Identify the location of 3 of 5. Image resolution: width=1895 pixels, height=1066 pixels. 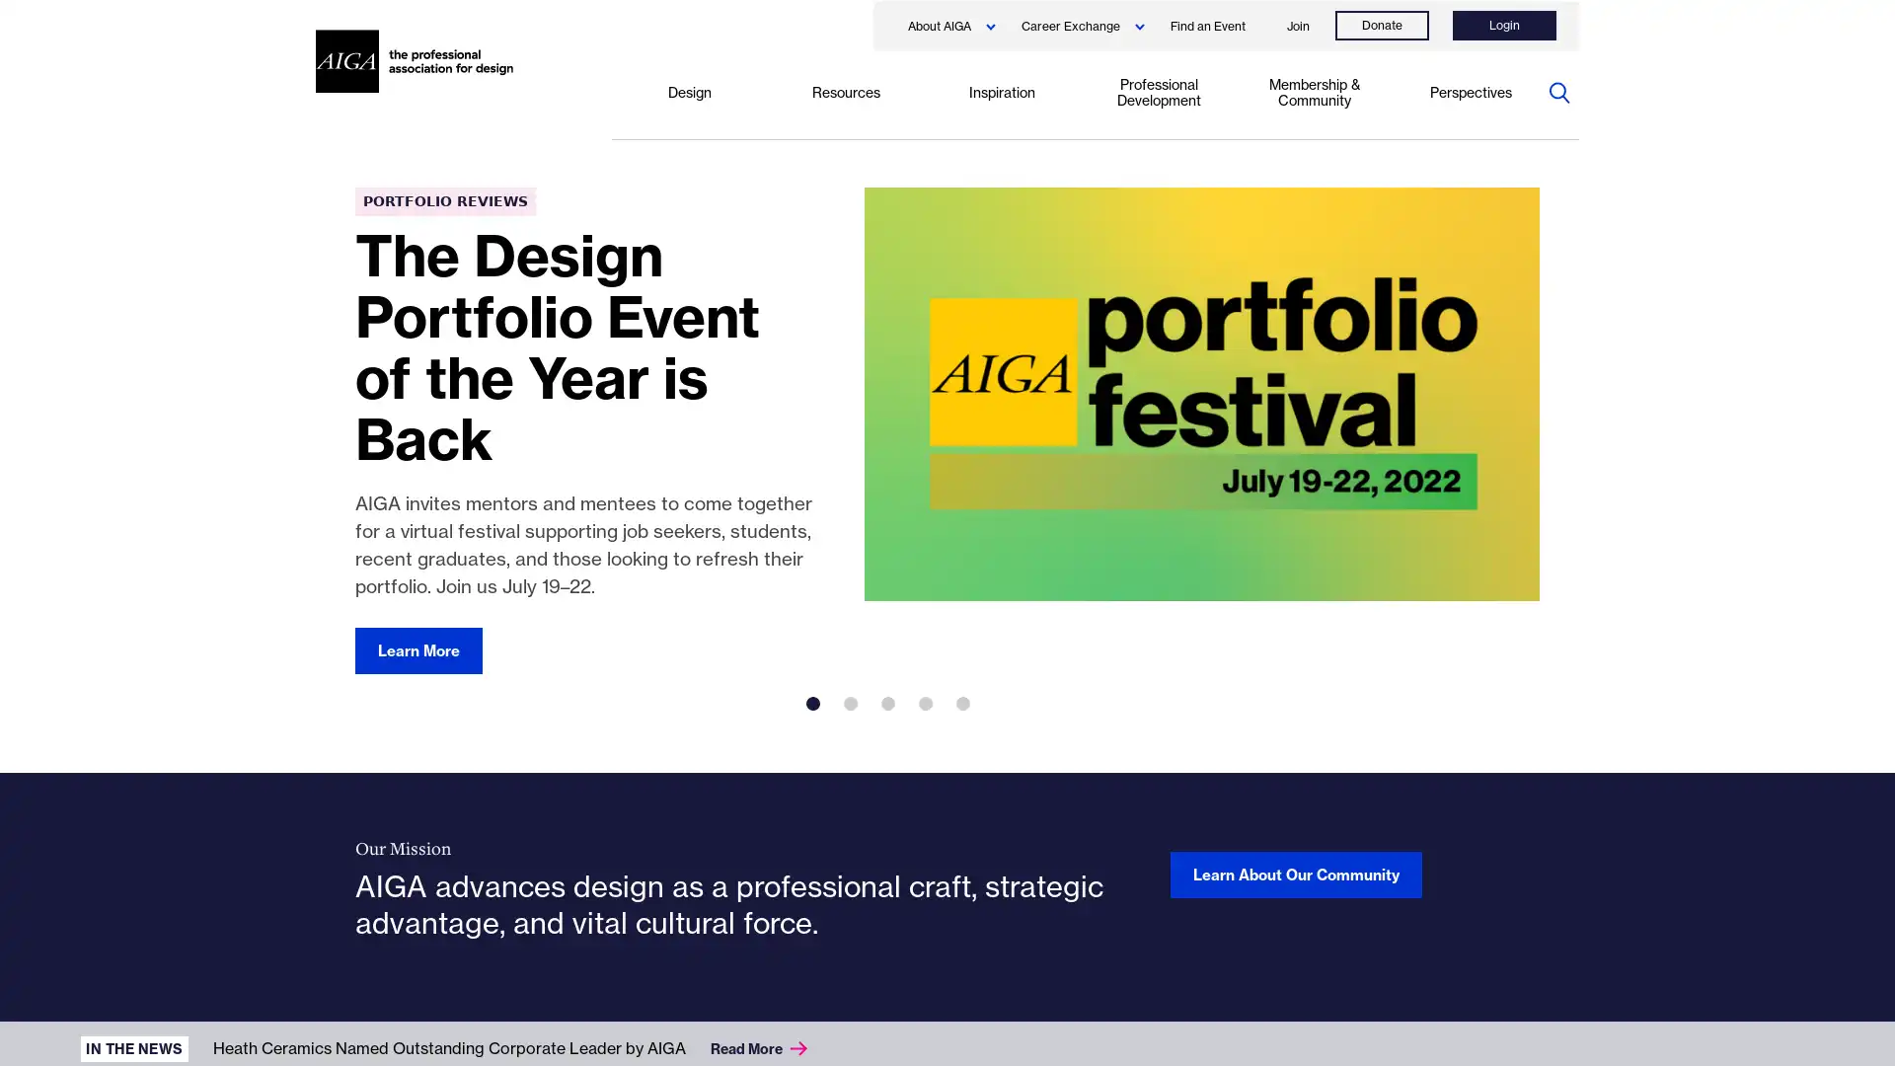
(887, 703).